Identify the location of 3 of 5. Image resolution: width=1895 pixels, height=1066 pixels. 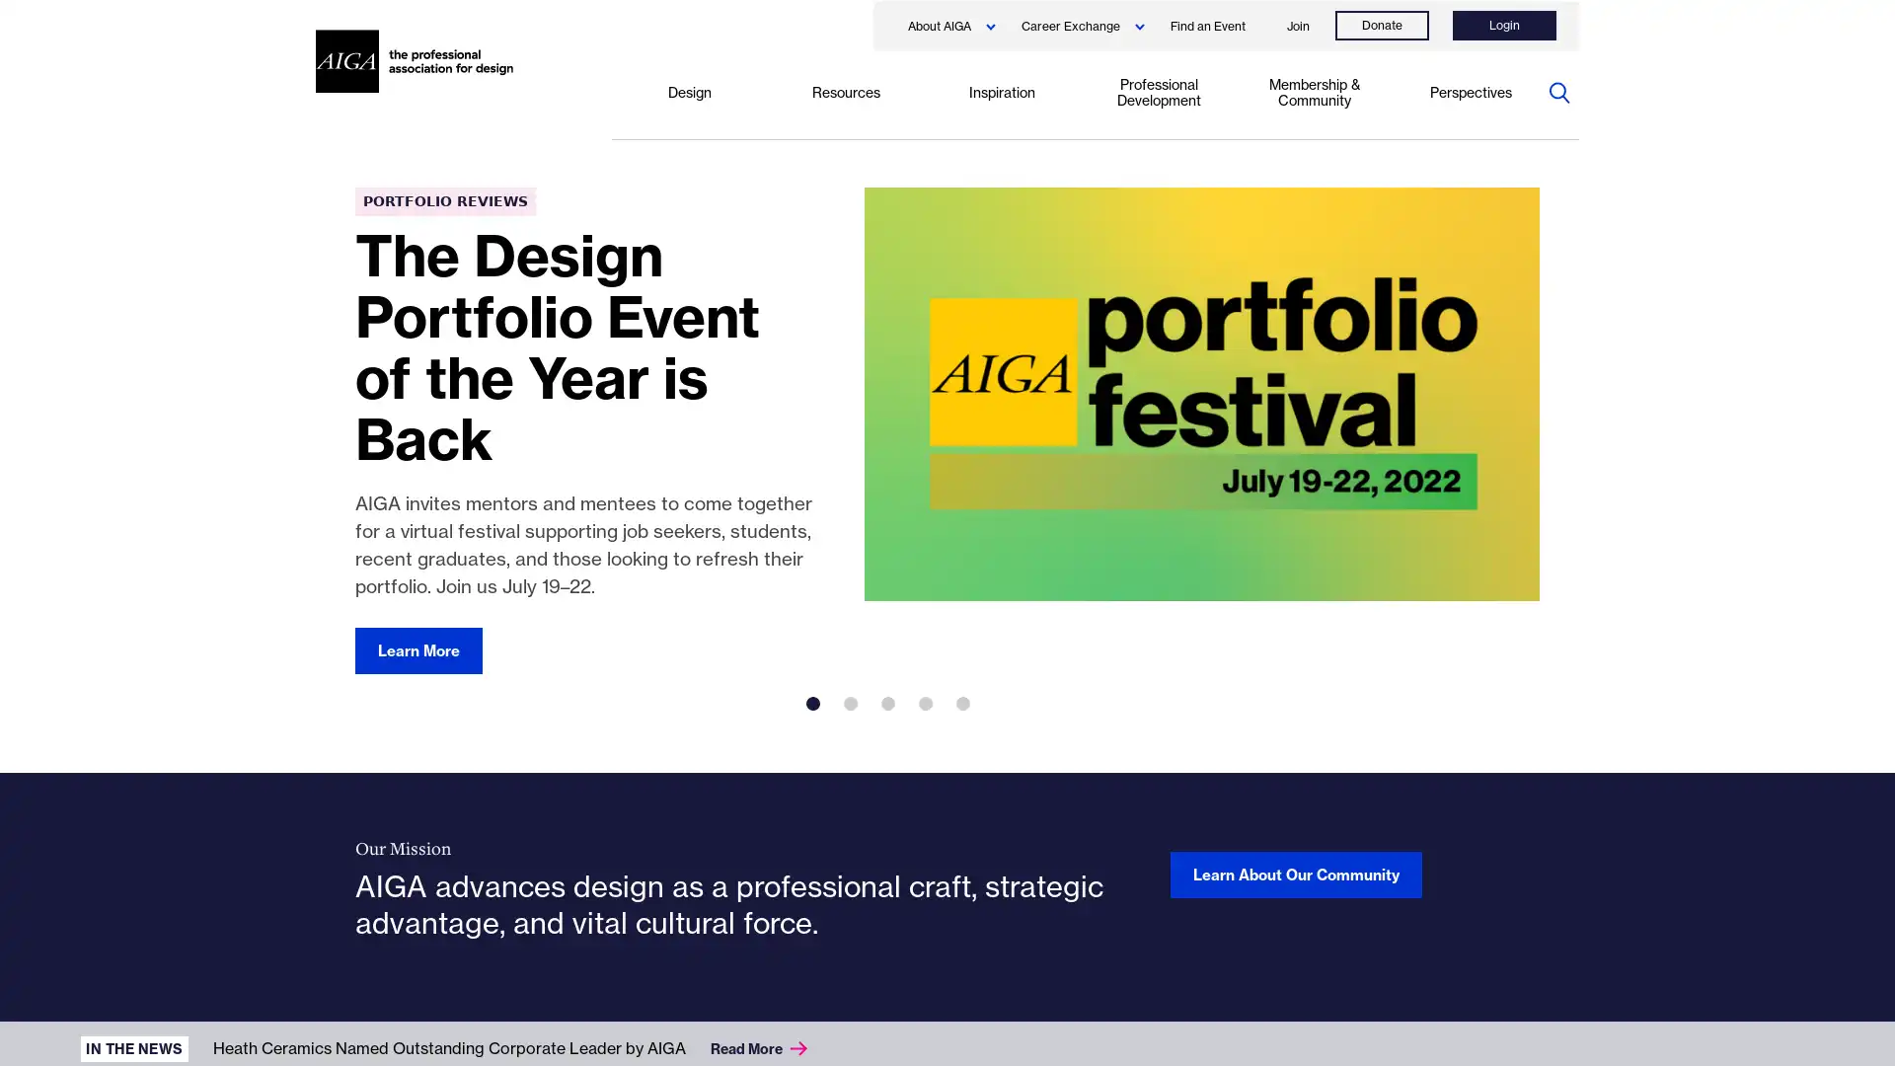
(887, 703).